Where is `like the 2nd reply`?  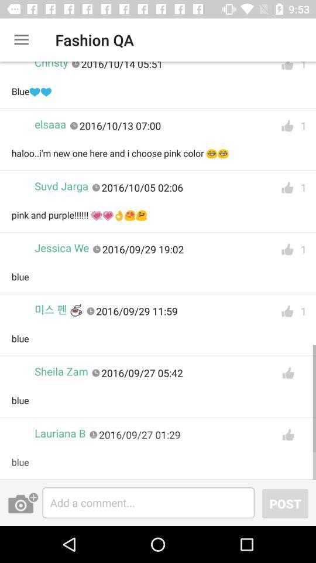
like the 2nd reply is located at coordinates (287, 126).